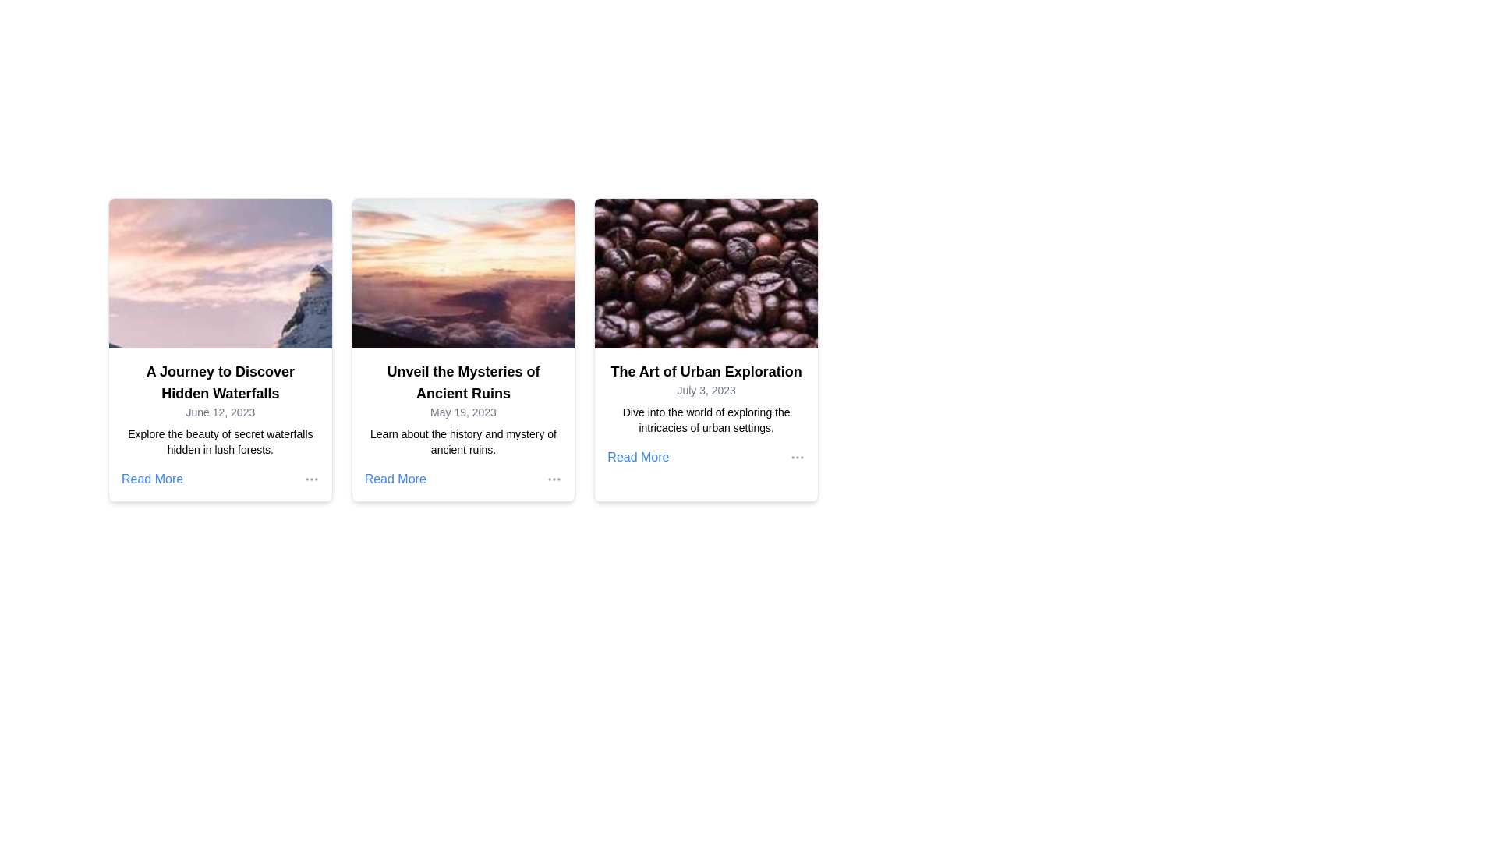 This screenshot has width=1497, height=842. What do you see at coordinates (462, 411) in the screenshot?
I see `the date text label displaying 'May 19, 2023', which is styled in a small gray font and positioned below the title 'Unveil the Mysteries of Ancient Ruins'` at bounding box center [462, 411].